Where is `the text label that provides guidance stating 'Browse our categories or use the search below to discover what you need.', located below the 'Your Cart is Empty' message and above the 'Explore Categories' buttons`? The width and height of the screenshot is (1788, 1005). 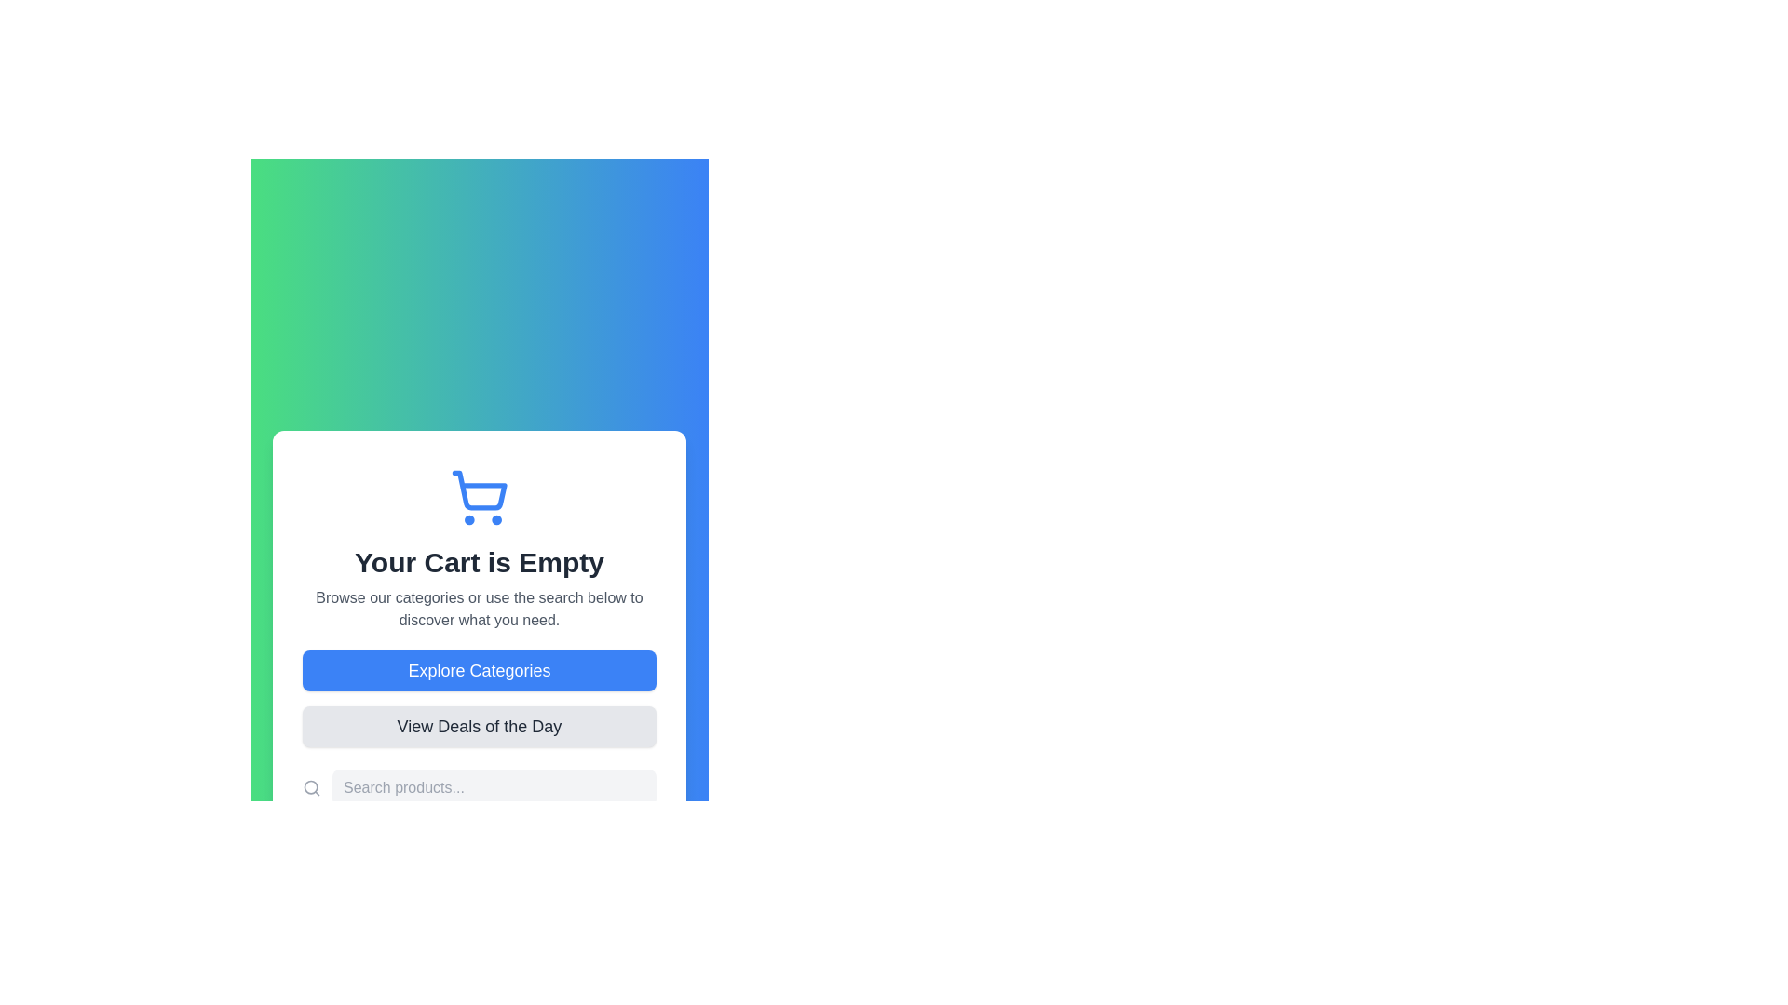
the text label that provides guidance stating 'Browse our categories or use the search below to discover what you need.', located below the 'Your Cart is Empty' message and above the 'Explore Categories' buttons is located at coordinates (479, 610).